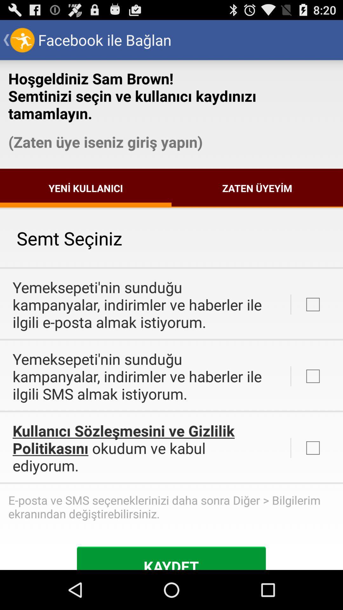 The width and height of the screenshot is (343, 610). I want to click on the button which is in the third row from the text semt seciniz, so click(321, 376).